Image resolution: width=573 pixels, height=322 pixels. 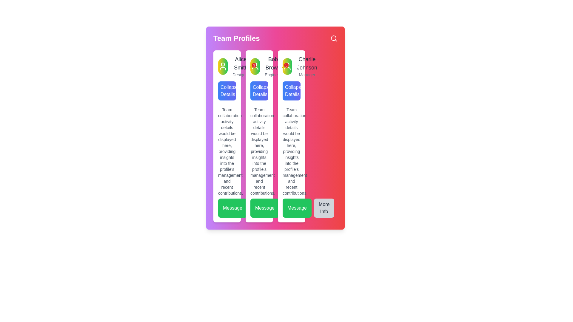 I want to click on the button located below the header 'Bob Brown' and above the team collaboration details to activate hover effects, so click(x=259, y=91).